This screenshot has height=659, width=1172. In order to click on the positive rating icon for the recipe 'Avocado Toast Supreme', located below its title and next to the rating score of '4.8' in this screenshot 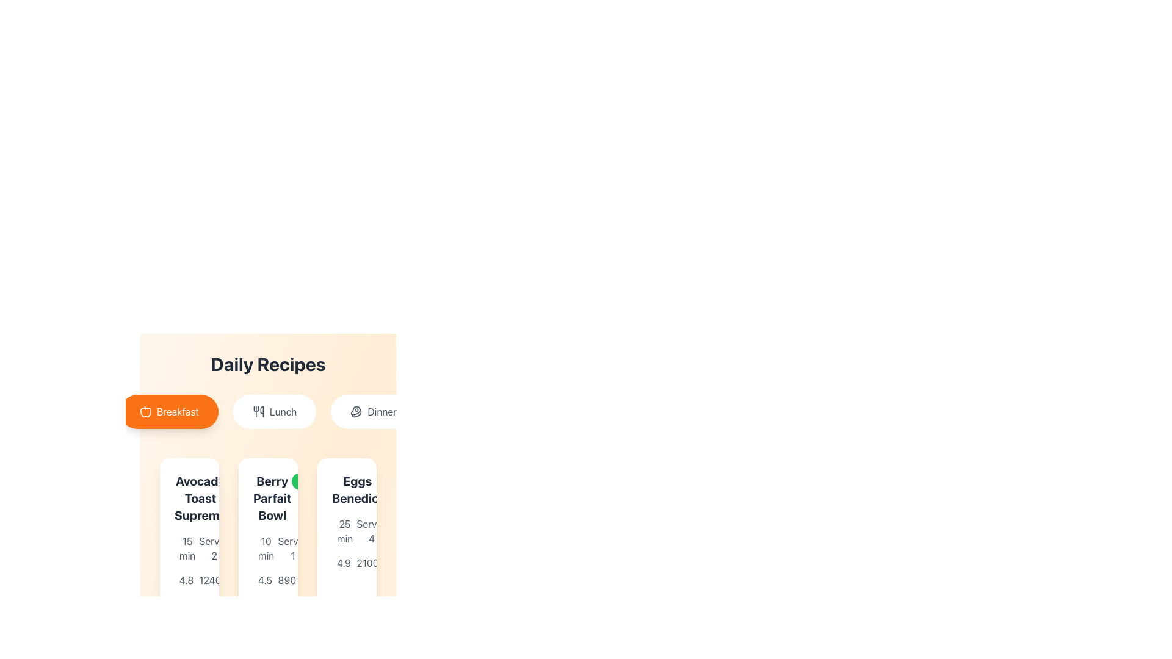, I will do `click(201, 580)`.